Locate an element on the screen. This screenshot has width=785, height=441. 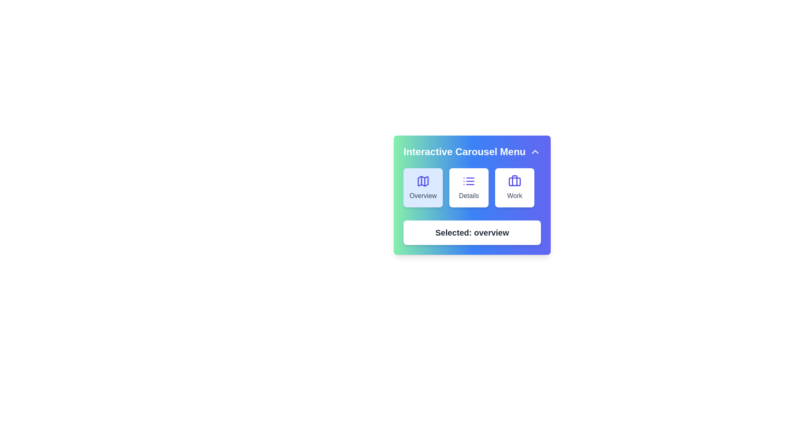
the menu item Details to reveal its hover effect is located at coordinates (469, 187).